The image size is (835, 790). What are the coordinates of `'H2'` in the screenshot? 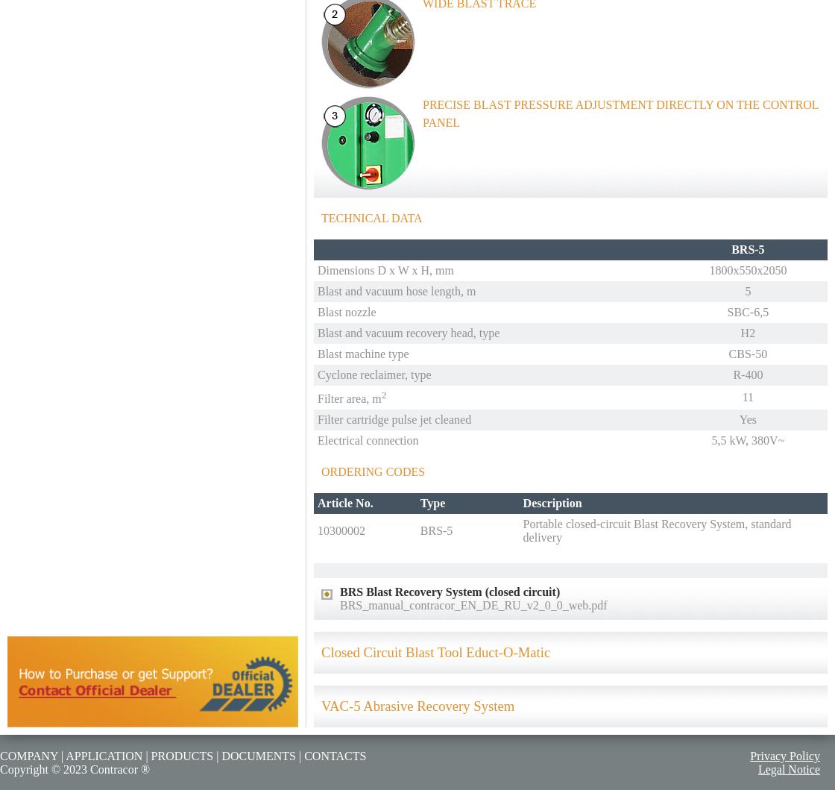 It's located at (740, 332).